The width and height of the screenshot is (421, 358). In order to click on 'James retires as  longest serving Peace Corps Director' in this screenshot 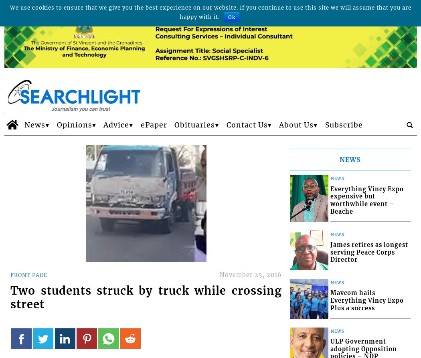, I will do `click(369, 252)`.